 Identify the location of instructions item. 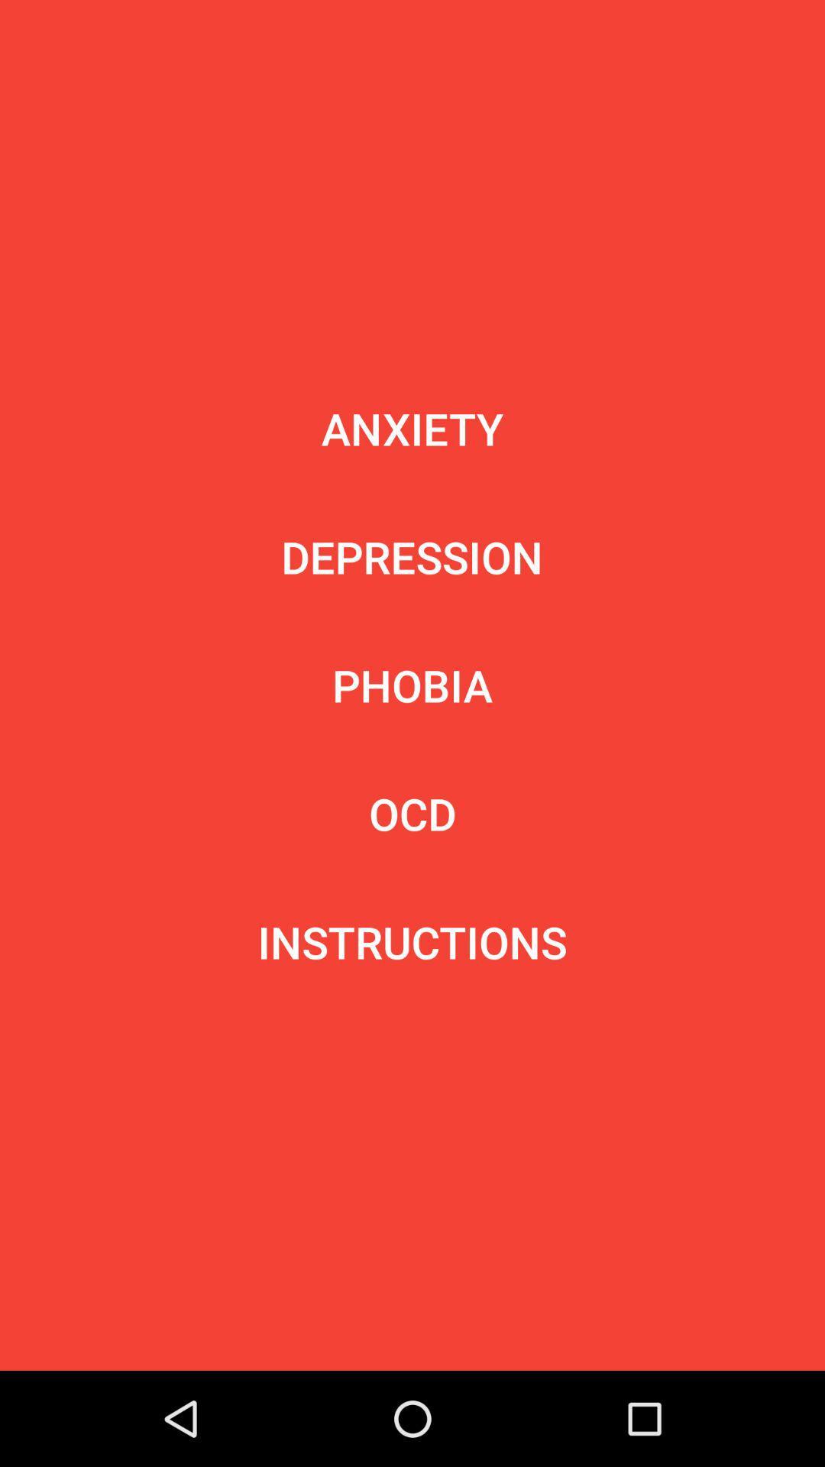
(412, 941).